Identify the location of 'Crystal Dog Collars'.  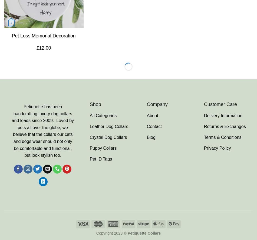
(108, 137).